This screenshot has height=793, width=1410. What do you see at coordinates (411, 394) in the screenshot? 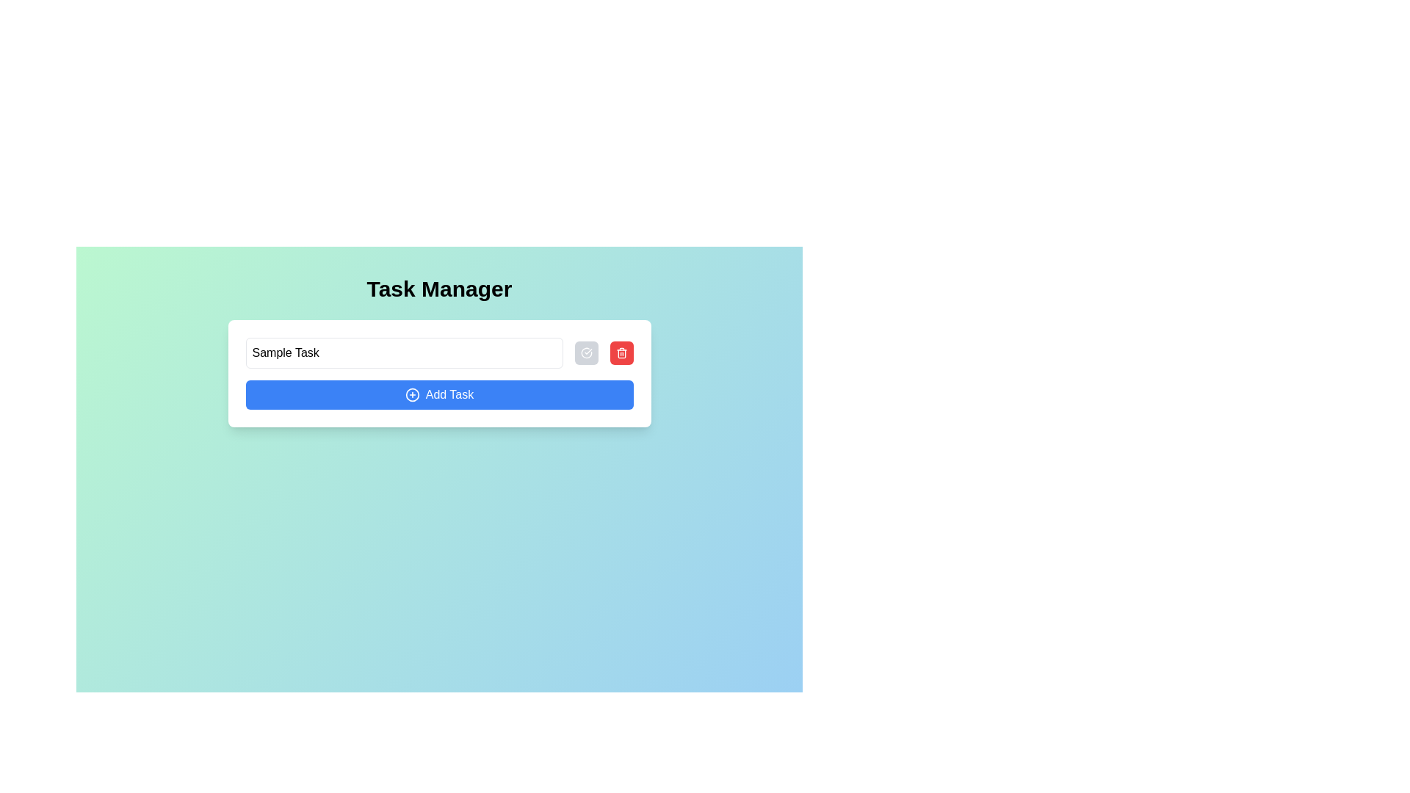
I see `the SVG Circle Element that visually indicates a 'plus' or 'add' symbol, which is part of the 'Add Task' button's icon` at bounding box center [411, 394].